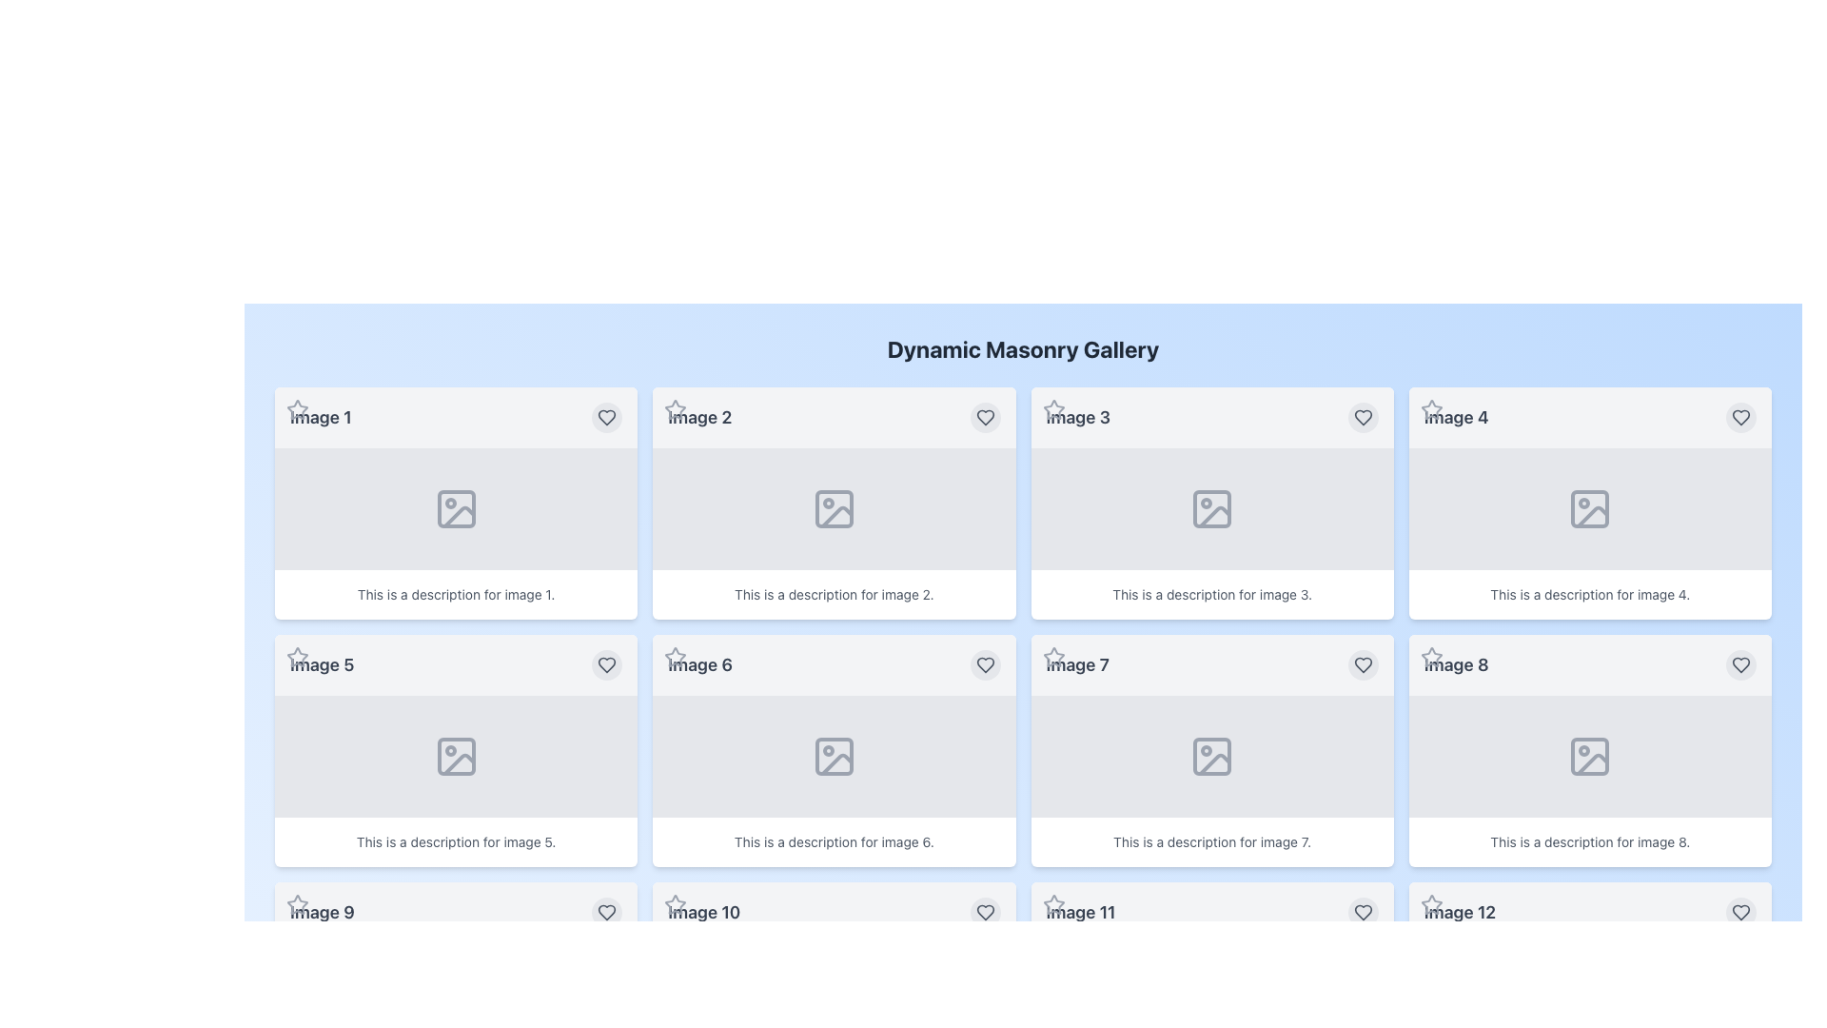  I want to click on the second card in the gallery layout that represents 'Image 2' with the description 'This is a description for image 2.', so click(834, 502).